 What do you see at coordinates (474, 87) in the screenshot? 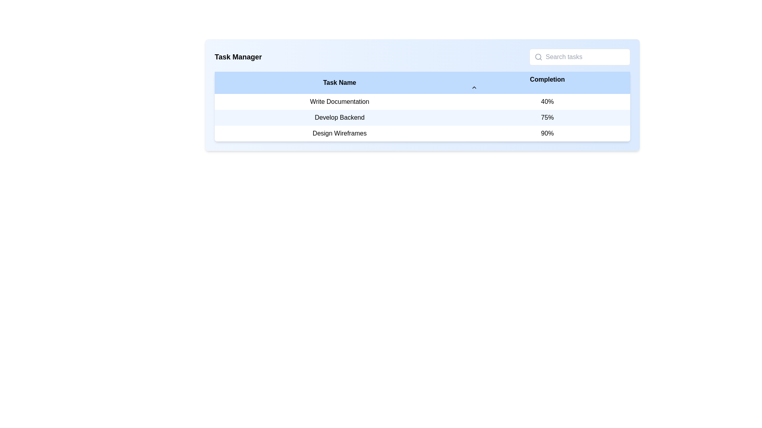
I see `the upward-pointing chevron icon located in the header row next to the 'Completion' column header to sort the table` at bounding box center [474, 87].